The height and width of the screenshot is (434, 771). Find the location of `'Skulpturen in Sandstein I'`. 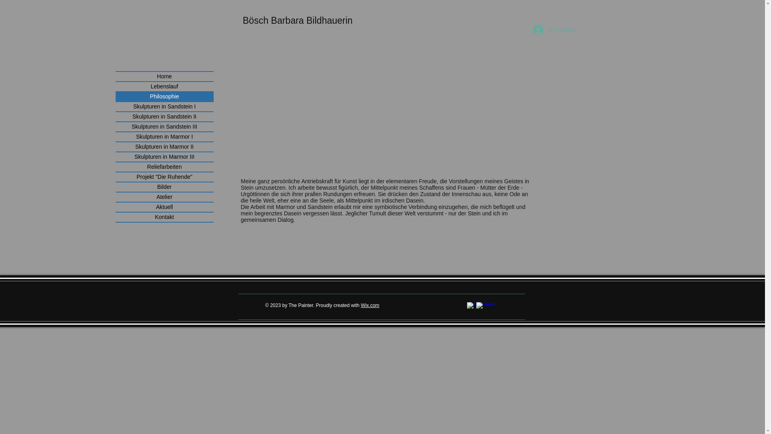

'Skulpturen in Sandstein I' is located at coordinates (164, 106).